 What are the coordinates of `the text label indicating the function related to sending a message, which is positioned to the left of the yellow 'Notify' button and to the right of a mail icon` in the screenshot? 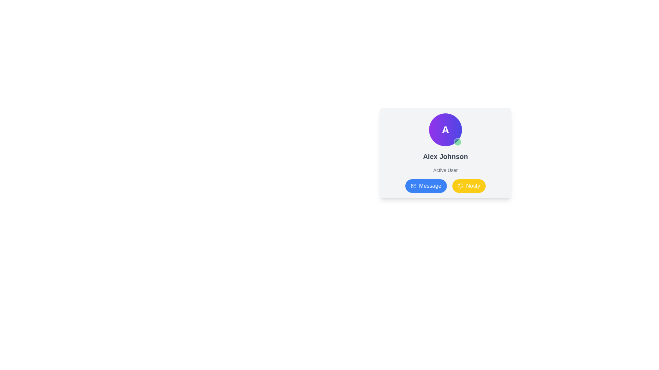 It's located at (430, 186).